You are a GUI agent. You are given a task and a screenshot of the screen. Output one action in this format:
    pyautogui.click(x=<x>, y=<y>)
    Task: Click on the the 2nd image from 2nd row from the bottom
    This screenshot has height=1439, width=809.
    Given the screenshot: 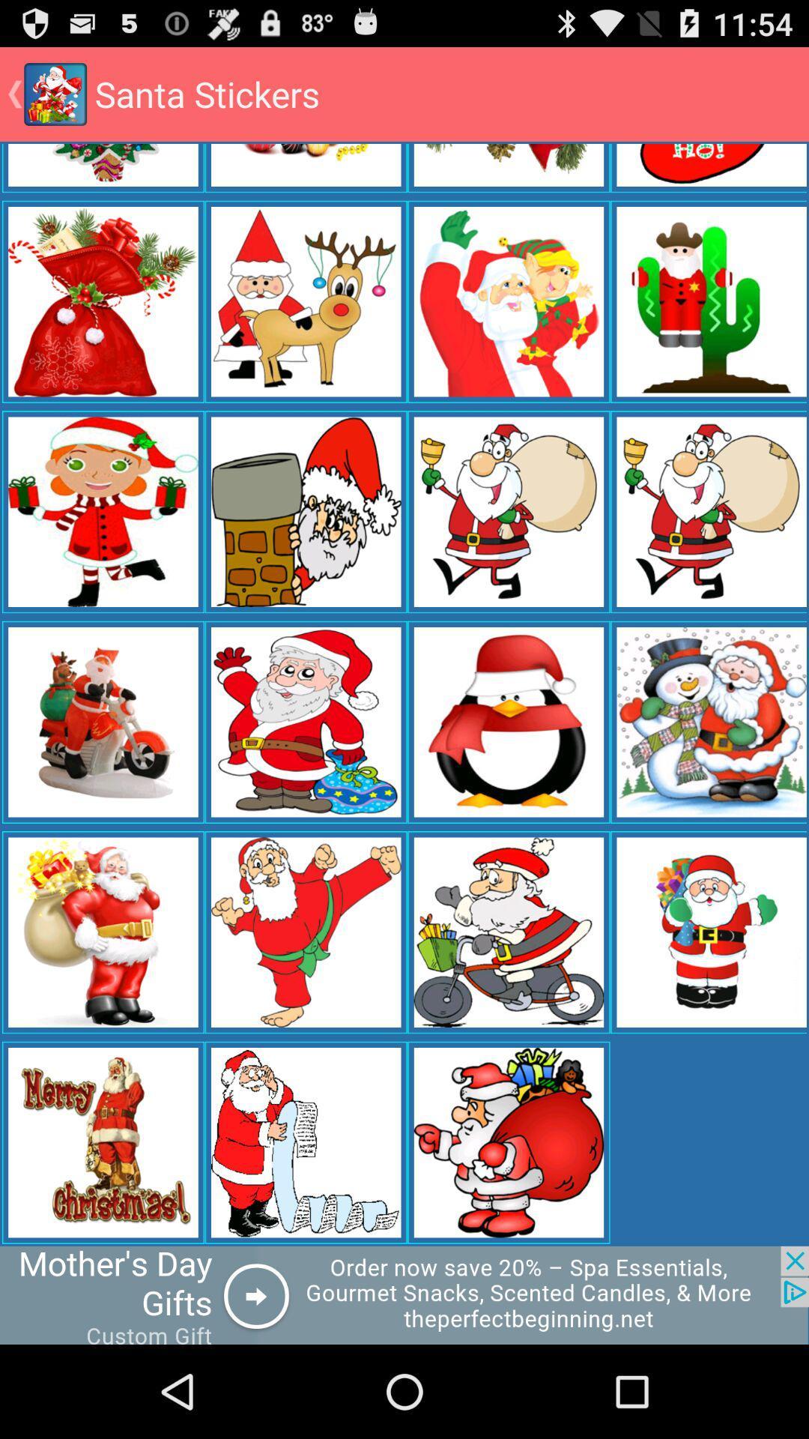 What is the action you would take?
    pyautogui.click(x=305, y=931)
    